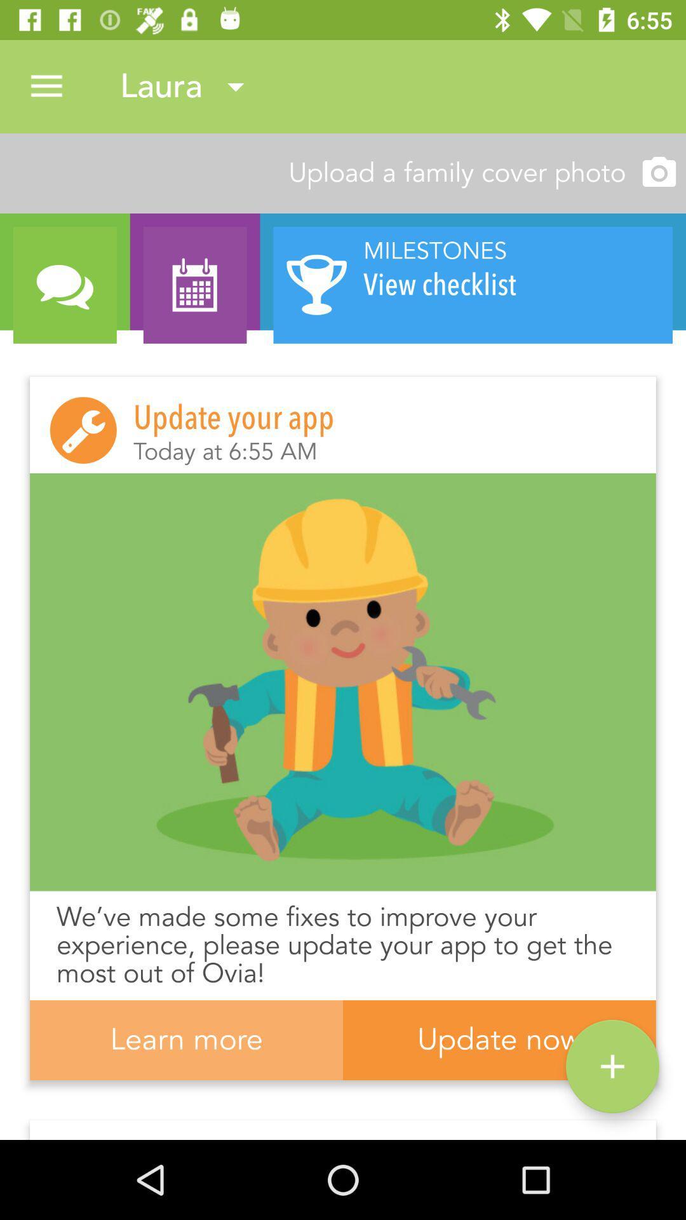  What do you see at coordinates (612, 1066) in the screenshot?
I see `the item below the we ve made` at bounding box center [612, 1066].